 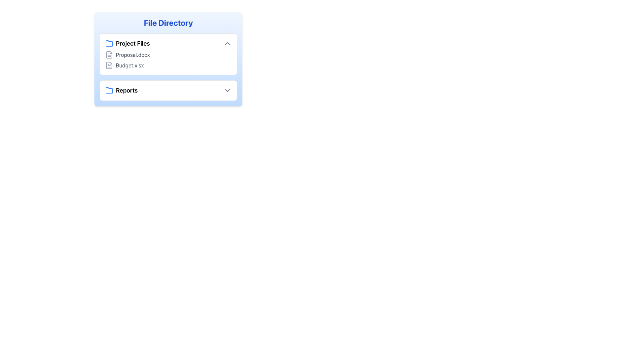 What do you see at coordinates (109, 43) in the screenshot?
I see `the folder icon representing the 'Project Files'` at bounding box center [109, 43].